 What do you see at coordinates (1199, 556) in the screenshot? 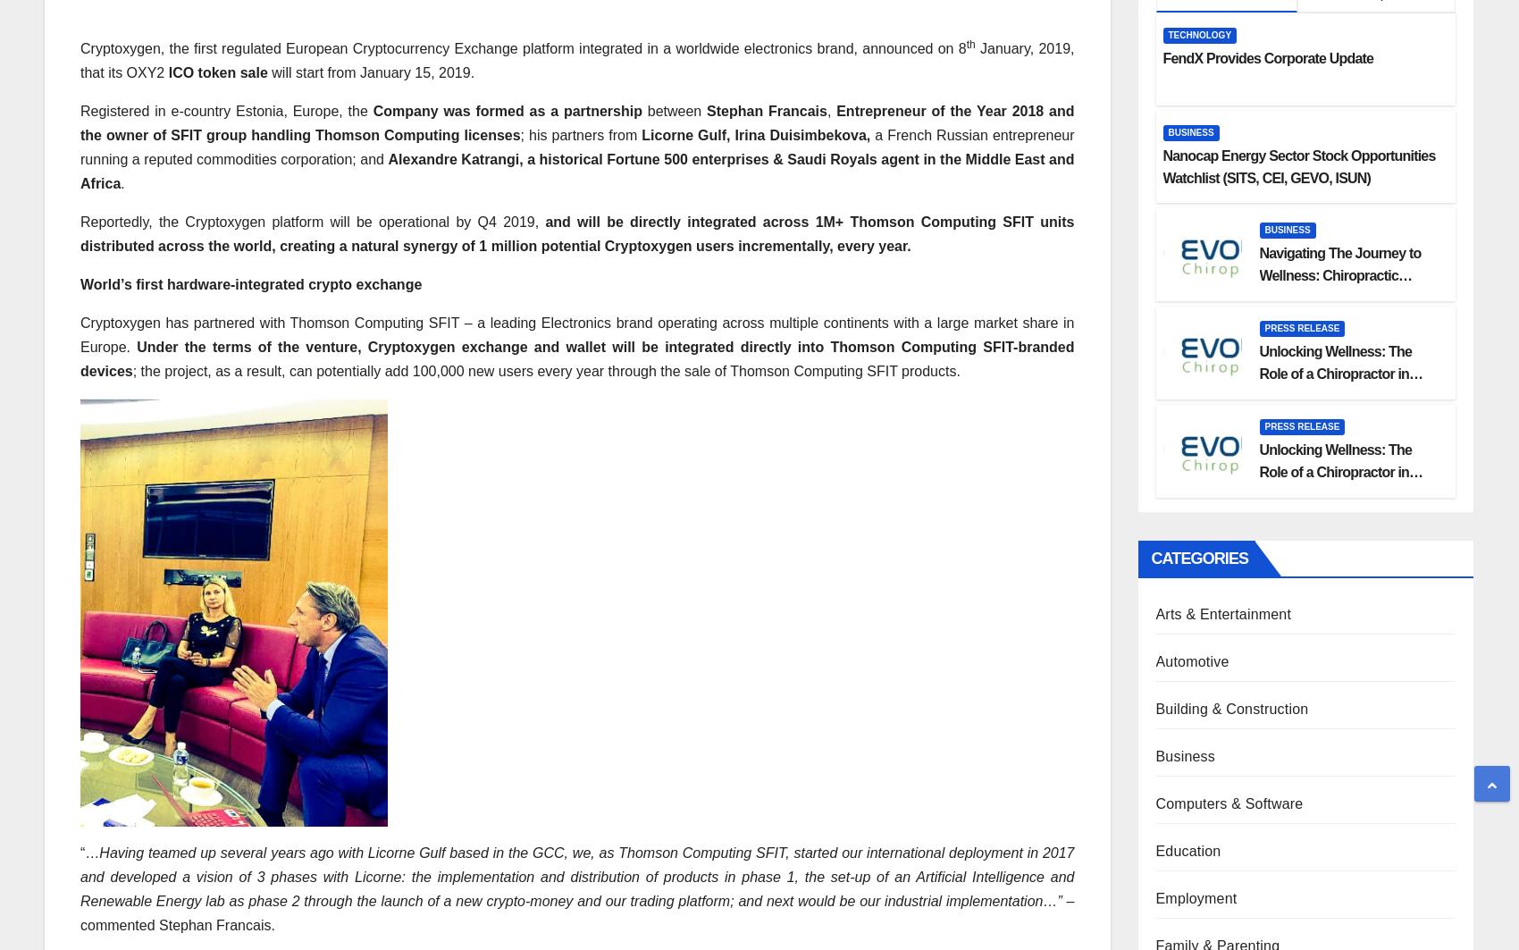
I see `'Categories'` at bounding box center [1199, 556].